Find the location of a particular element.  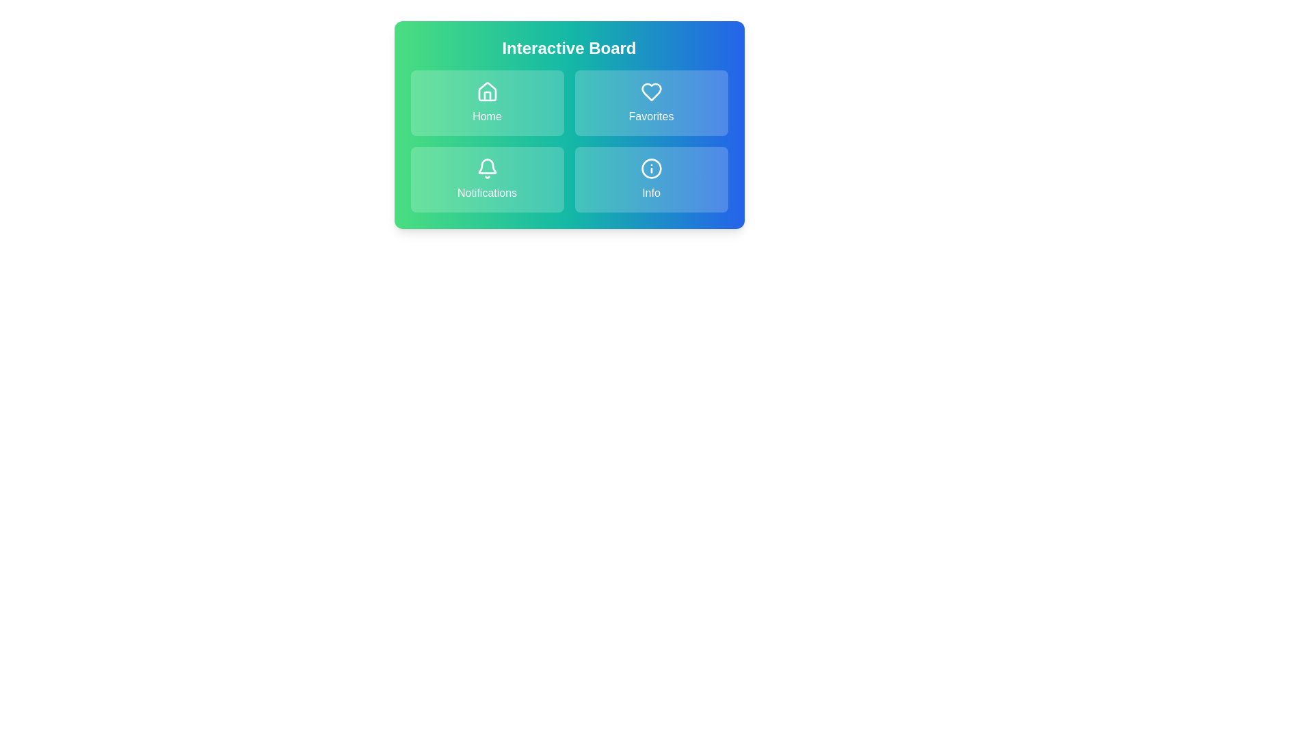

the title text label located at the top-center of the rectangular gradient box, which signals the purpose of the interface area is located at coordinates (569, 47).